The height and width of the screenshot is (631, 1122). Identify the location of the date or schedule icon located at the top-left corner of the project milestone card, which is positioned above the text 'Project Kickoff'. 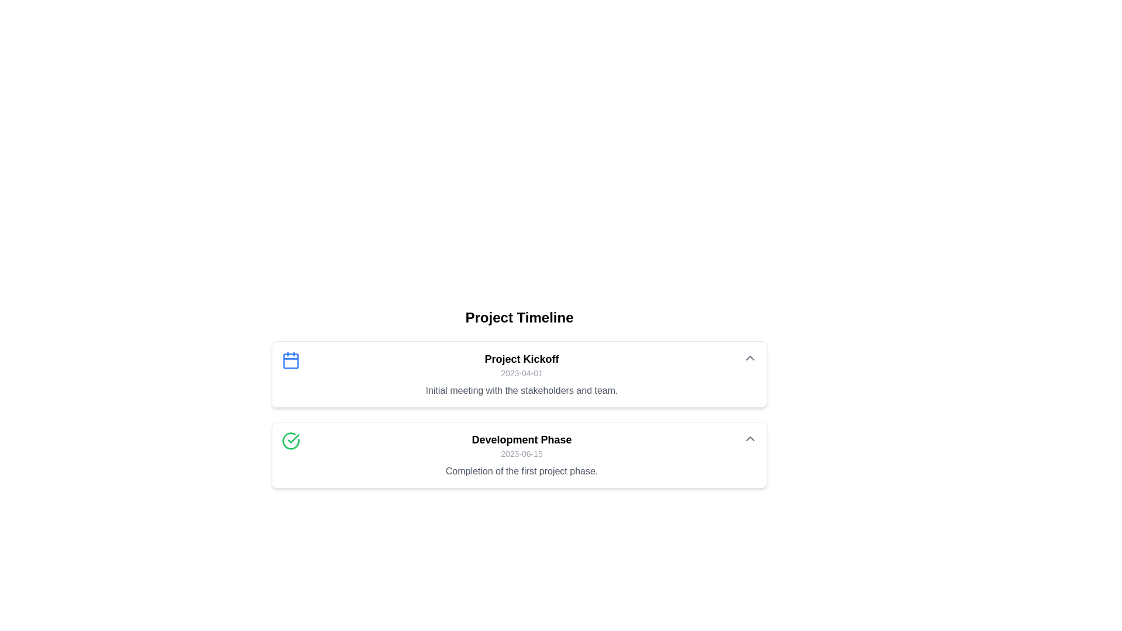
(291, 360).